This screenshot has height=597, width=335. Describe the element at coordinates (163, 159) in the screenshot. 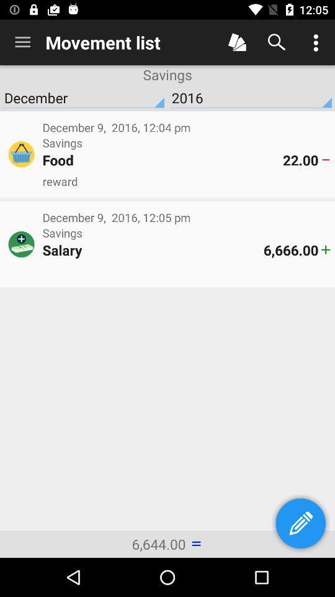

I see `the food icon` at that location.